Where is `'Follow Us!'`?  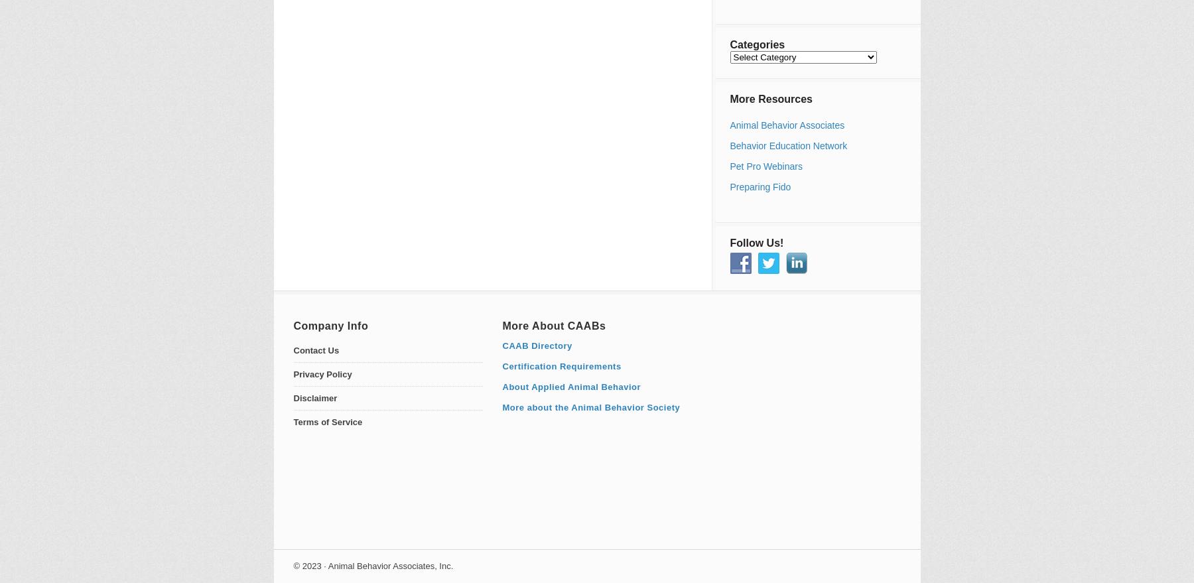
'Follow Us!' is located at coordinates (756, 243).